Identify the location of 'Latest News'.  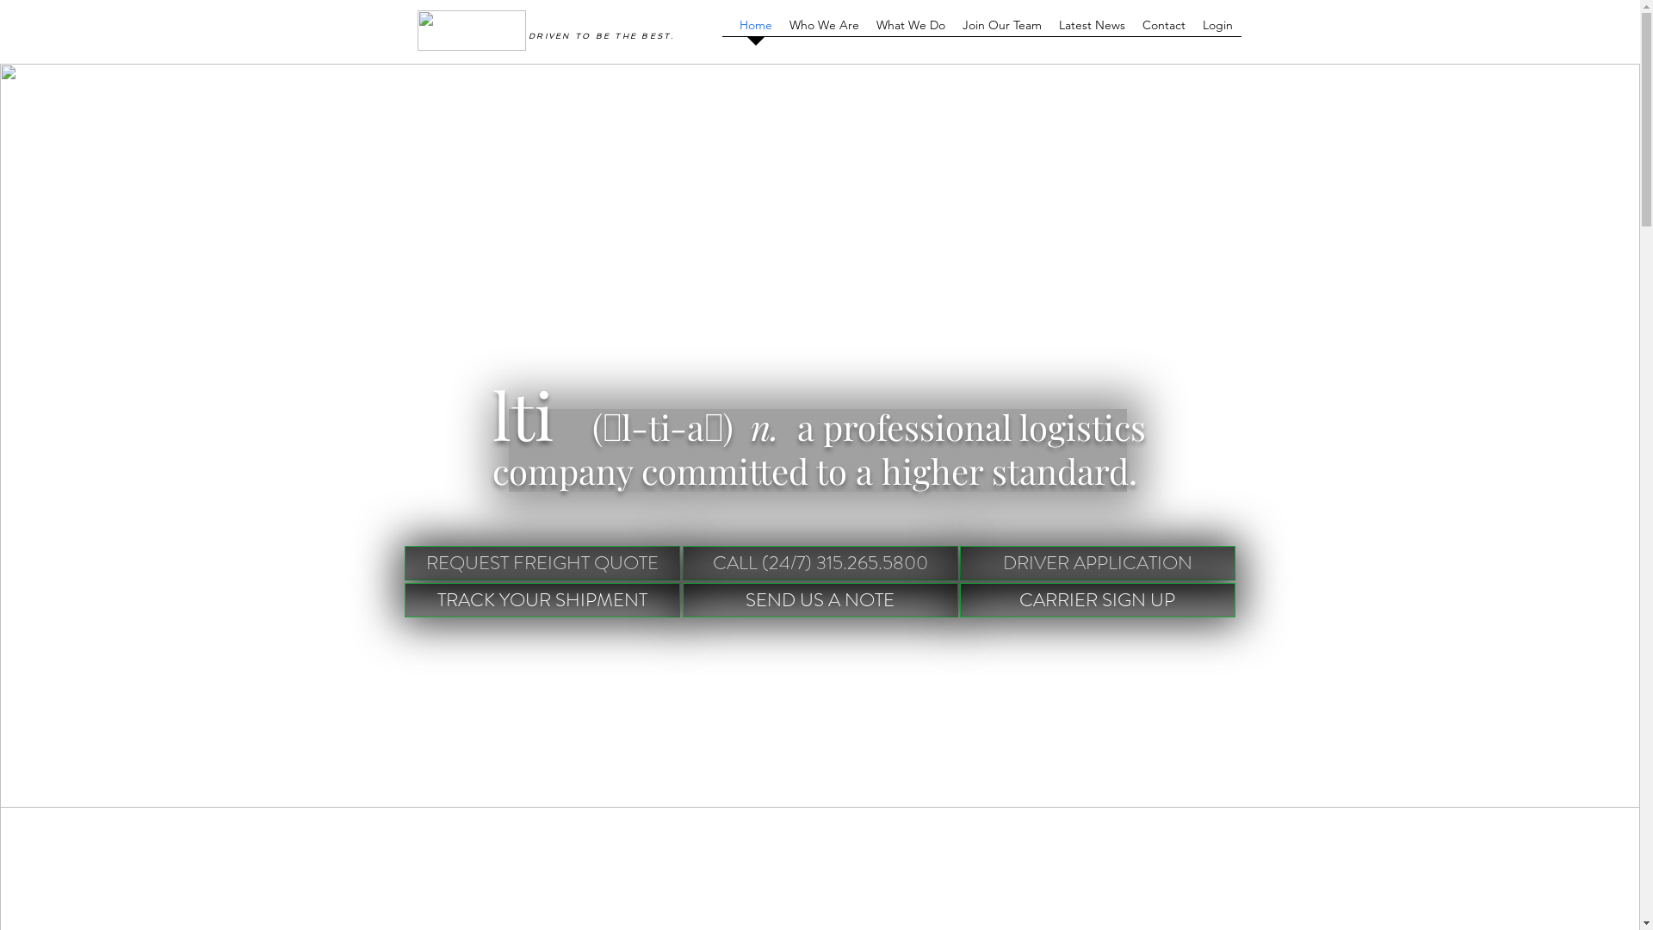
(1049, 30).